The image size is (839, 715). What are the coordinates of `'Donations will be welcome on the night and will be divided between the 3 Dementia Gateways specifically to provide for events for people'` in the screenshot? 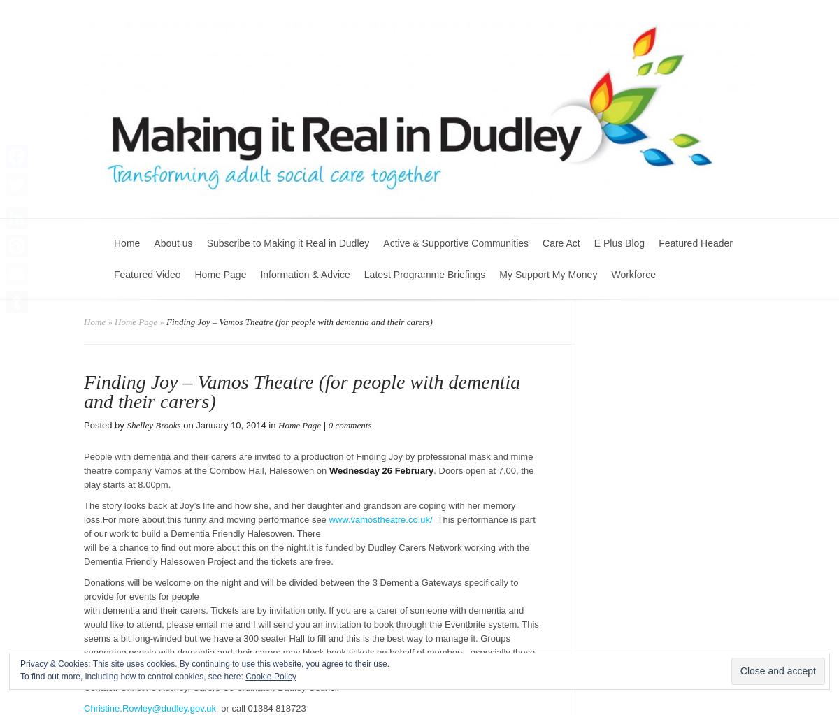 It's located at (301, 588).